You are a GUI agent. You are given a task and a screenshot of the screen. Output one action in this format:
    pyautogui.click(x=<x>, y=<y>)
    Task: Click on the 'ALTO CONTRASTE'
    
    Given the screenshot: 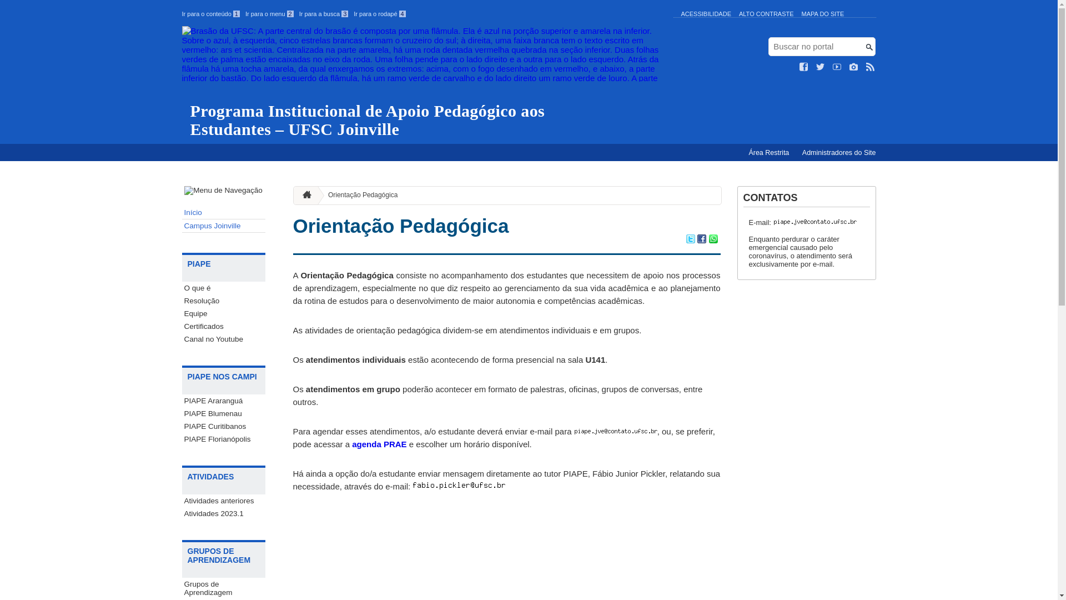 What is the action you would take?
    pyautogui.click(x=738, y=13)
    